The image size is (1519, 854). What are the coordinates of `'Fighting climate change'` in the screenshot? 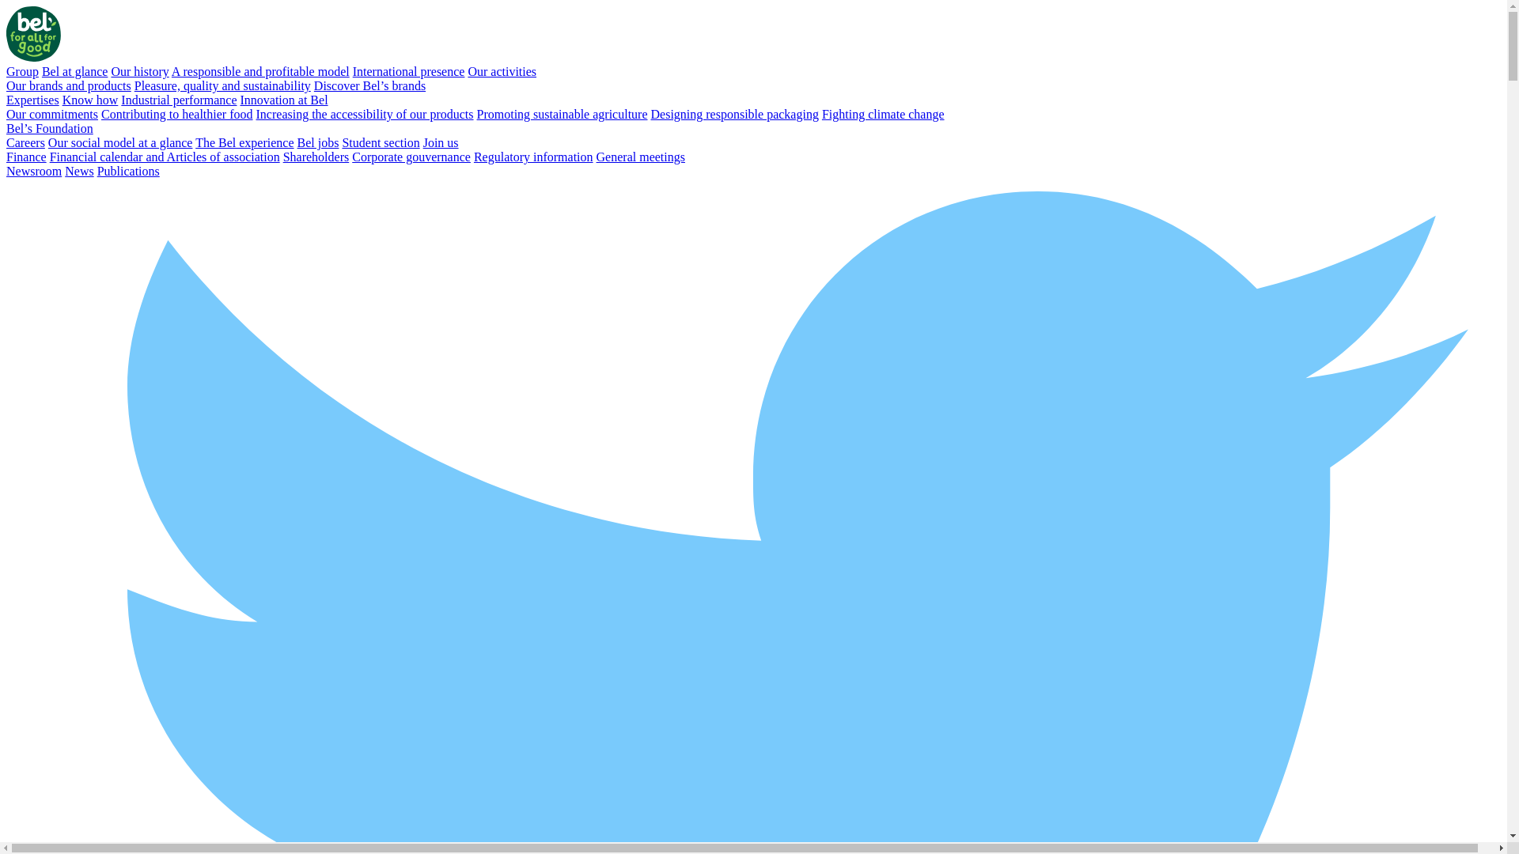 It's located at (882, 113).